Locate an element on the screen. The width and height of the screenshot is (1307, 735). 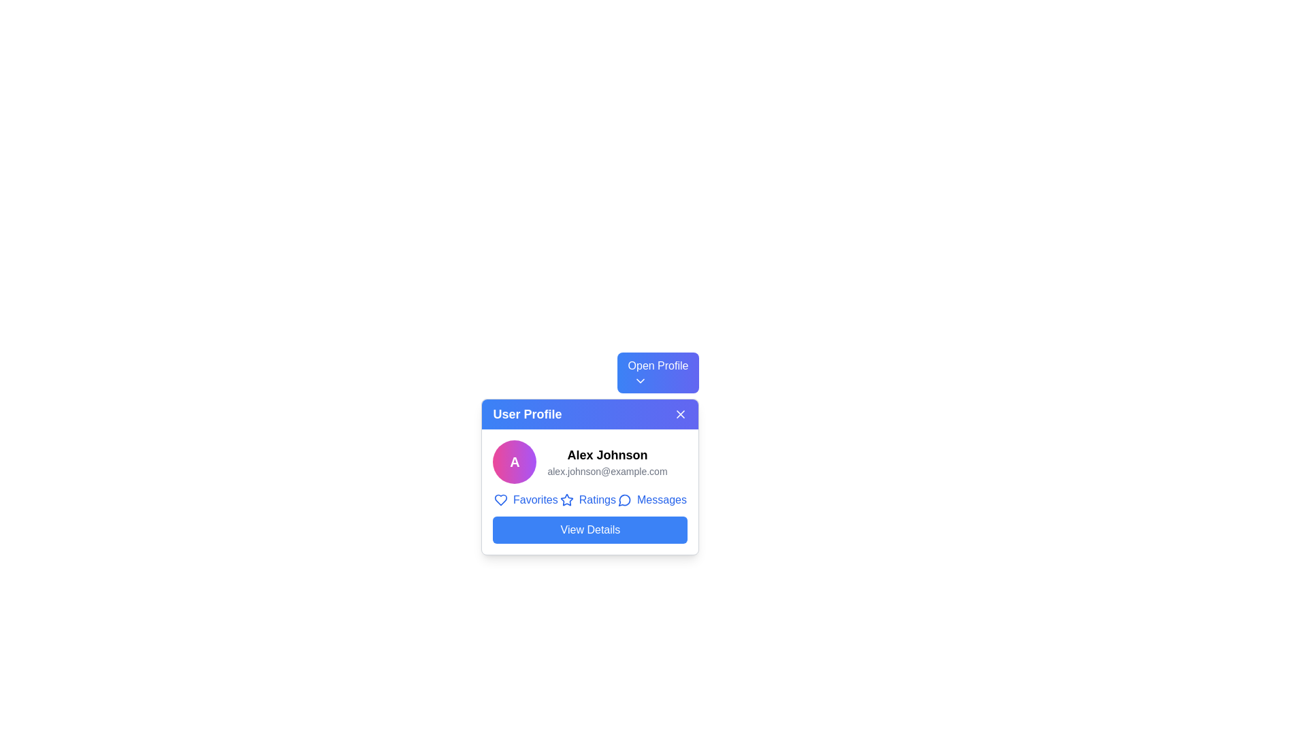
the user's profile picture icon located at the top-left corner of the user profile card, adjacent to the text 'Alex Johnson' and 'alex.johnson@example.com' is located at coordinates (514, 461).